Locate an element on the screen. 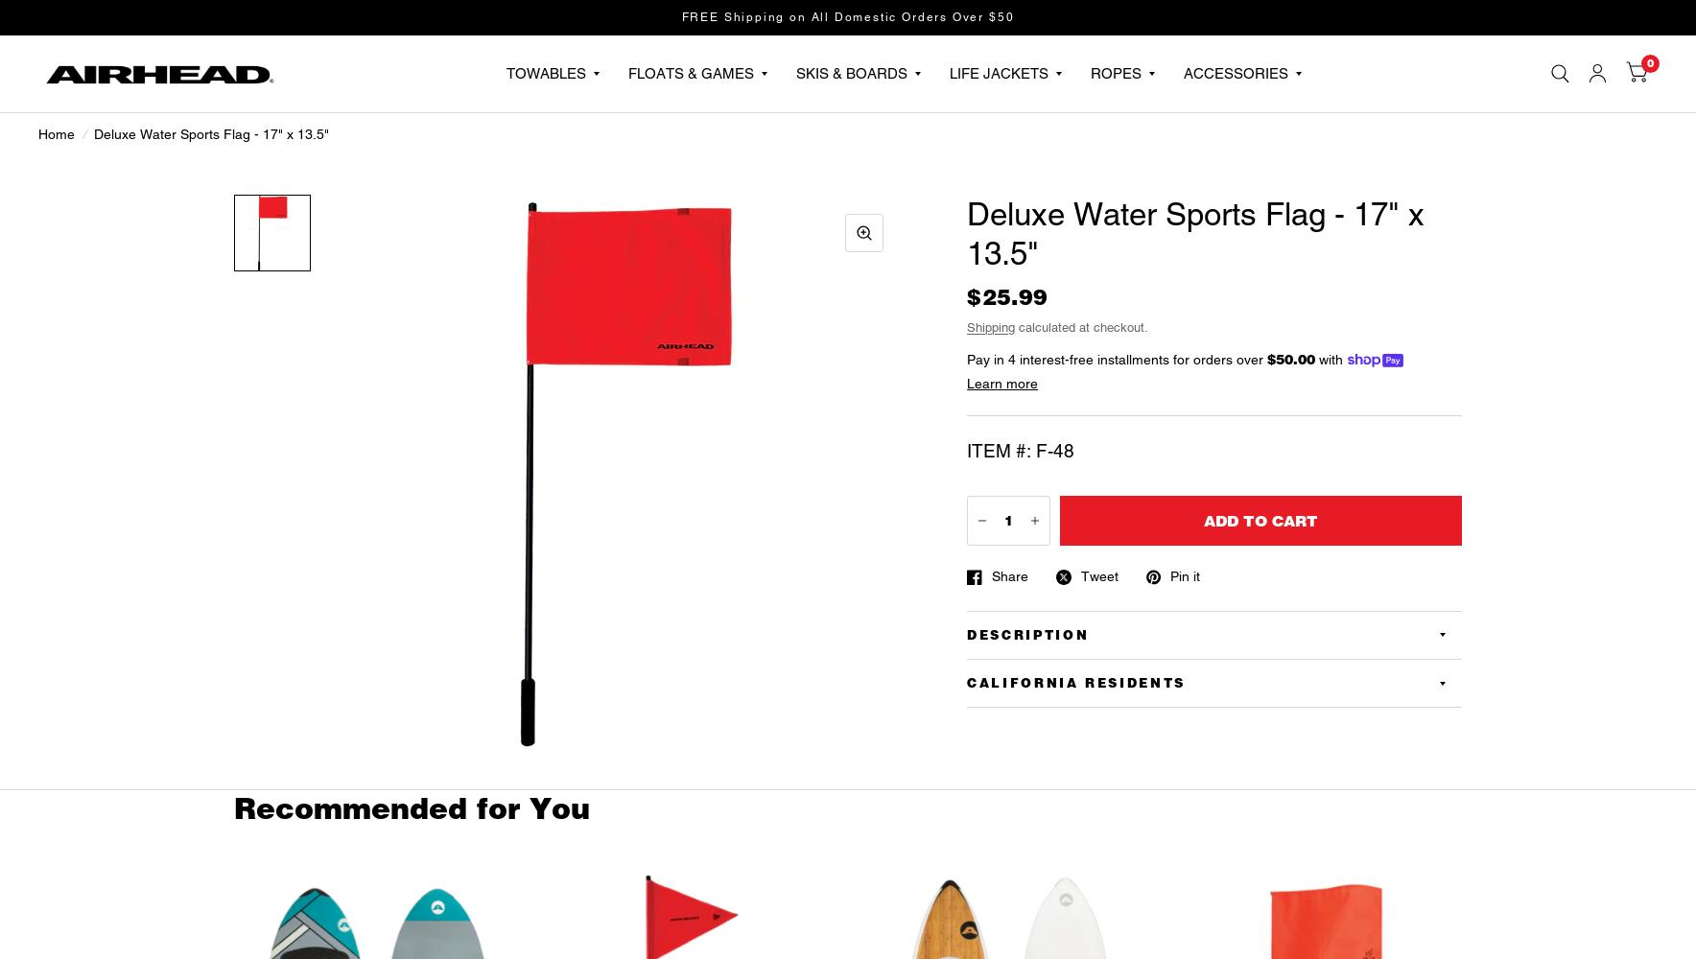 This screenshot has width=1696, height=959. 'Description' is located at coordinates (1026, 634).